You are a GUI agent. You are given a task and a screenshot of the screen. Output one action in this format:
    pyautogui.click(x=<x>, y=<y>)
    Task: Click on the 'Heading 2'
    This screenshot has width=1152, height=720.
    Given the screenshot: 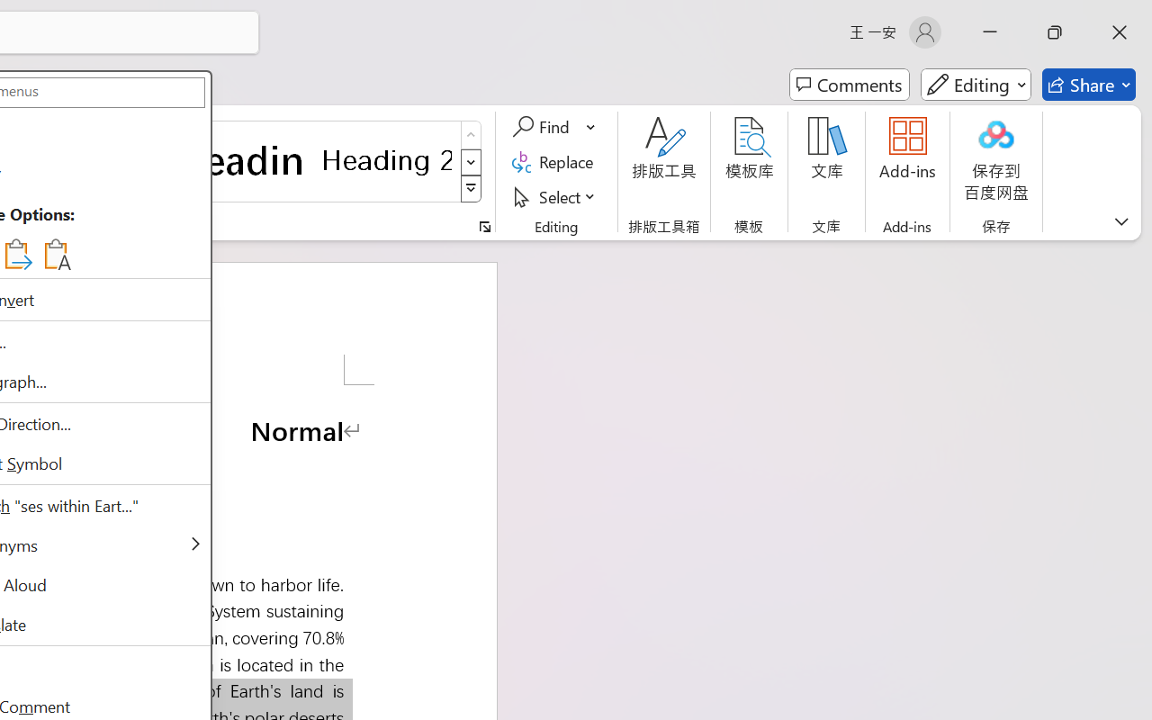 What is the action you would take?
    pyautogui.click(x=386, y=159)
    